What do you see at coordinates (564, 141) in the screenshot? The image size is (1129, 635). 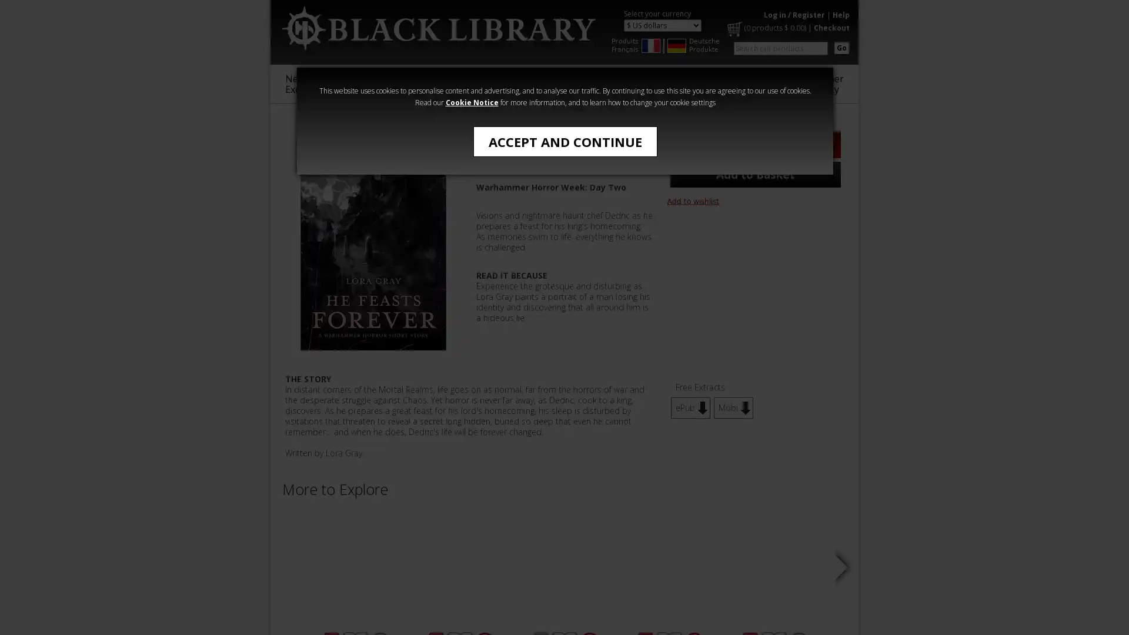 I see `ACCEPT AND CONTINUE` at bounding box center [564, 141].